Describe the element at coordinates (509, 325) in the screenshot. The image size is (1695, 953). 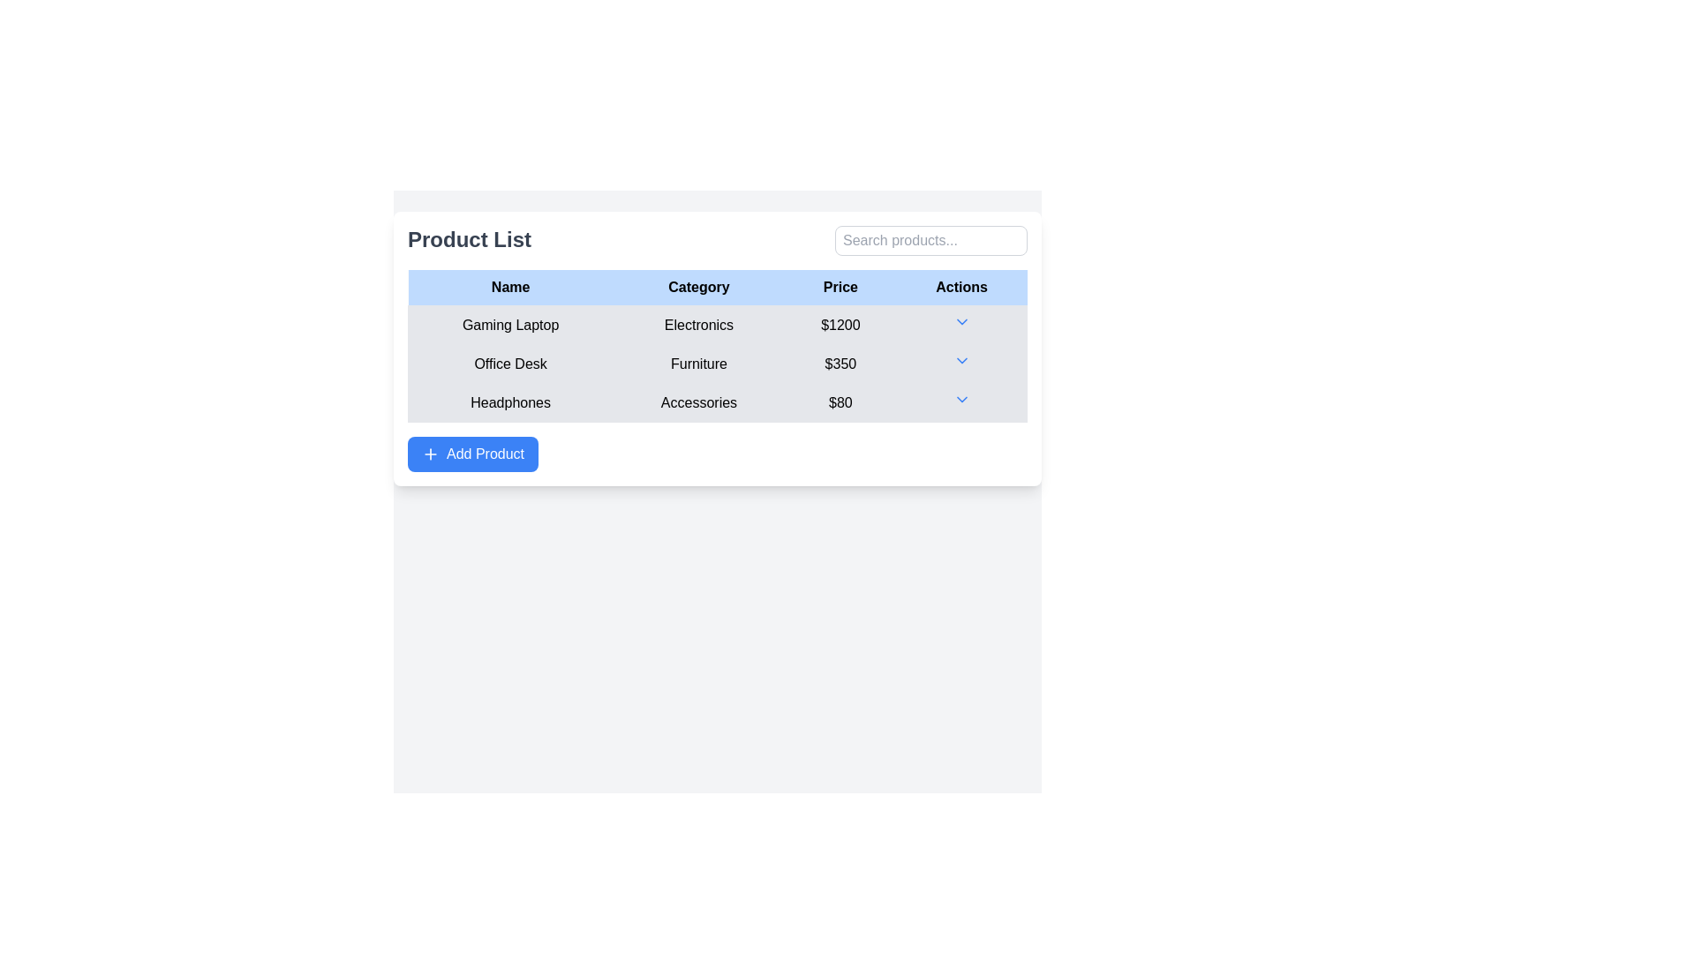
I see `the Text label that denotes the product name for the Gaming Laptop in the first row of the product listing table under the 'Name' column` at that location.